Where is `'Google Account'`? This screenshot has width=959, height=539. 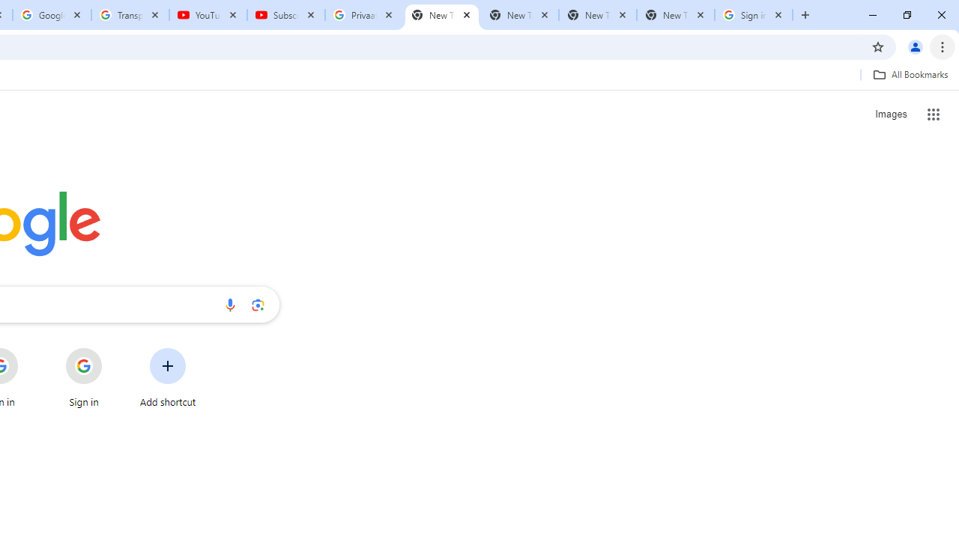 'Google Account' is located at coordinates (52, 15).